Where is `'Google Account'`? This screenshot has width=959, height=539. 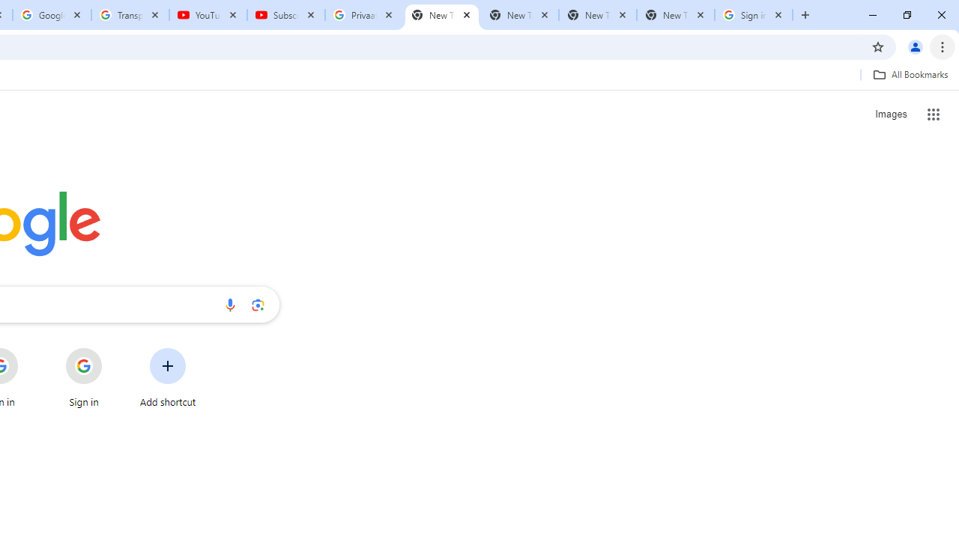 'Google Account' is located at coordinates (52, 15).